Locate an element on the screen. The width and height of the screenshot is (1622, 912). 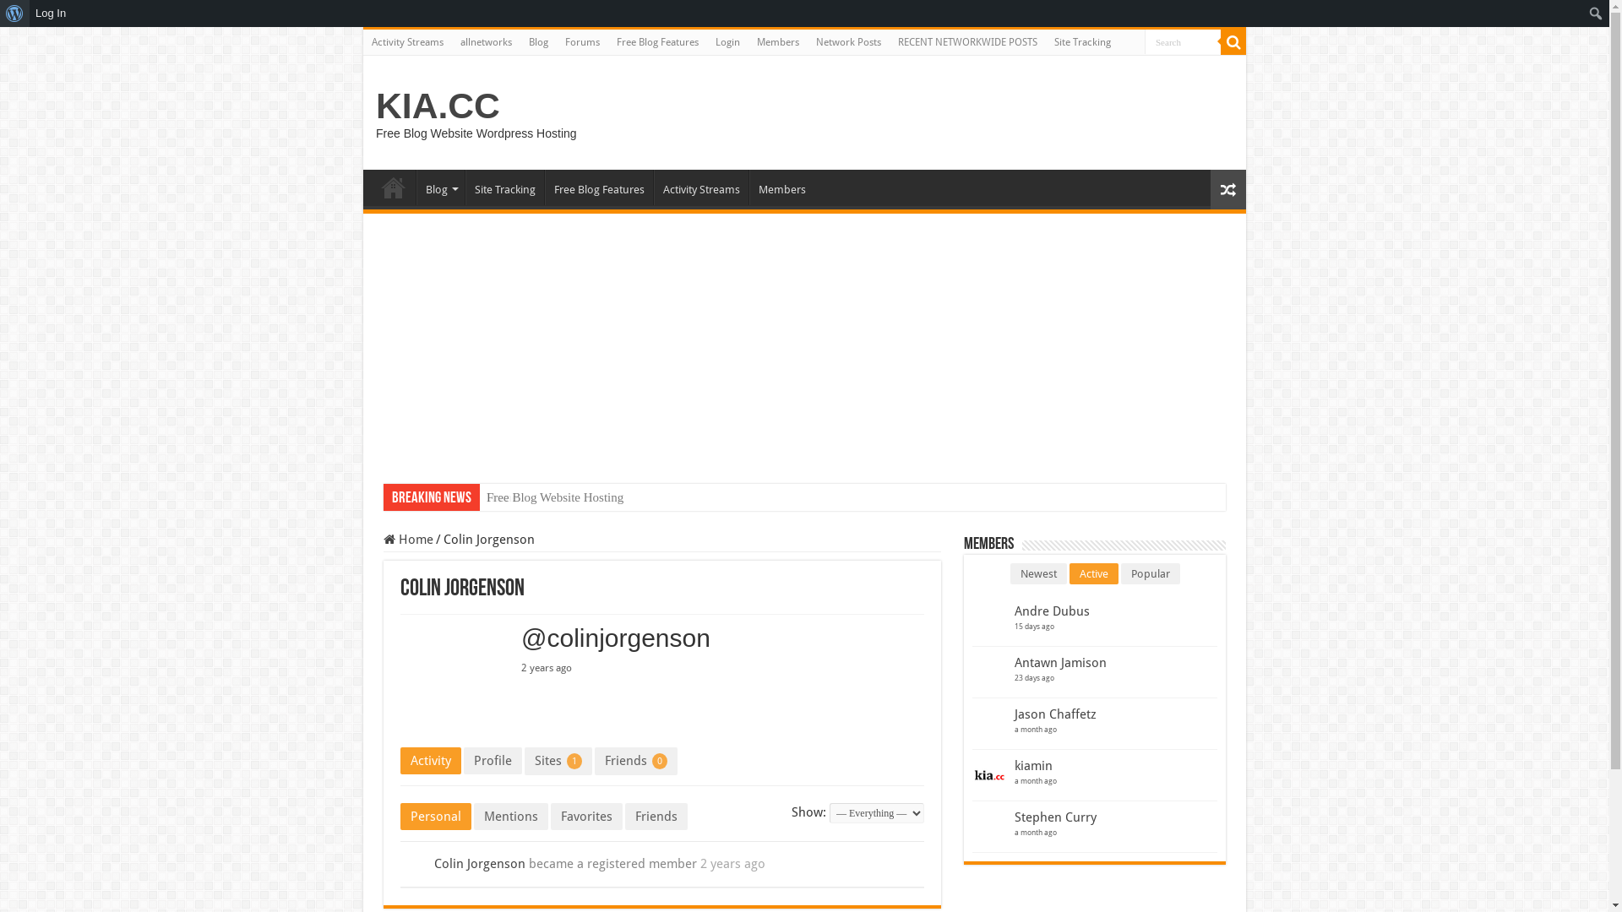
'Free Blog Website Hosting' is located at coordinates (555, 497).